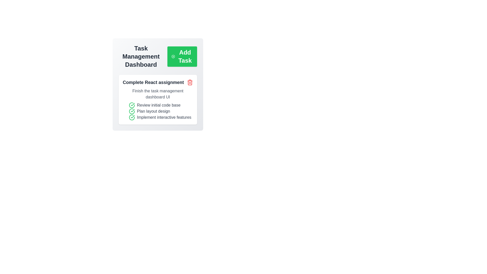 The image size is (487, 274). I want to click on the static text label displaying the description of the task 'Complete React assignment', which is the first task item in the task card, so click(158, 94).